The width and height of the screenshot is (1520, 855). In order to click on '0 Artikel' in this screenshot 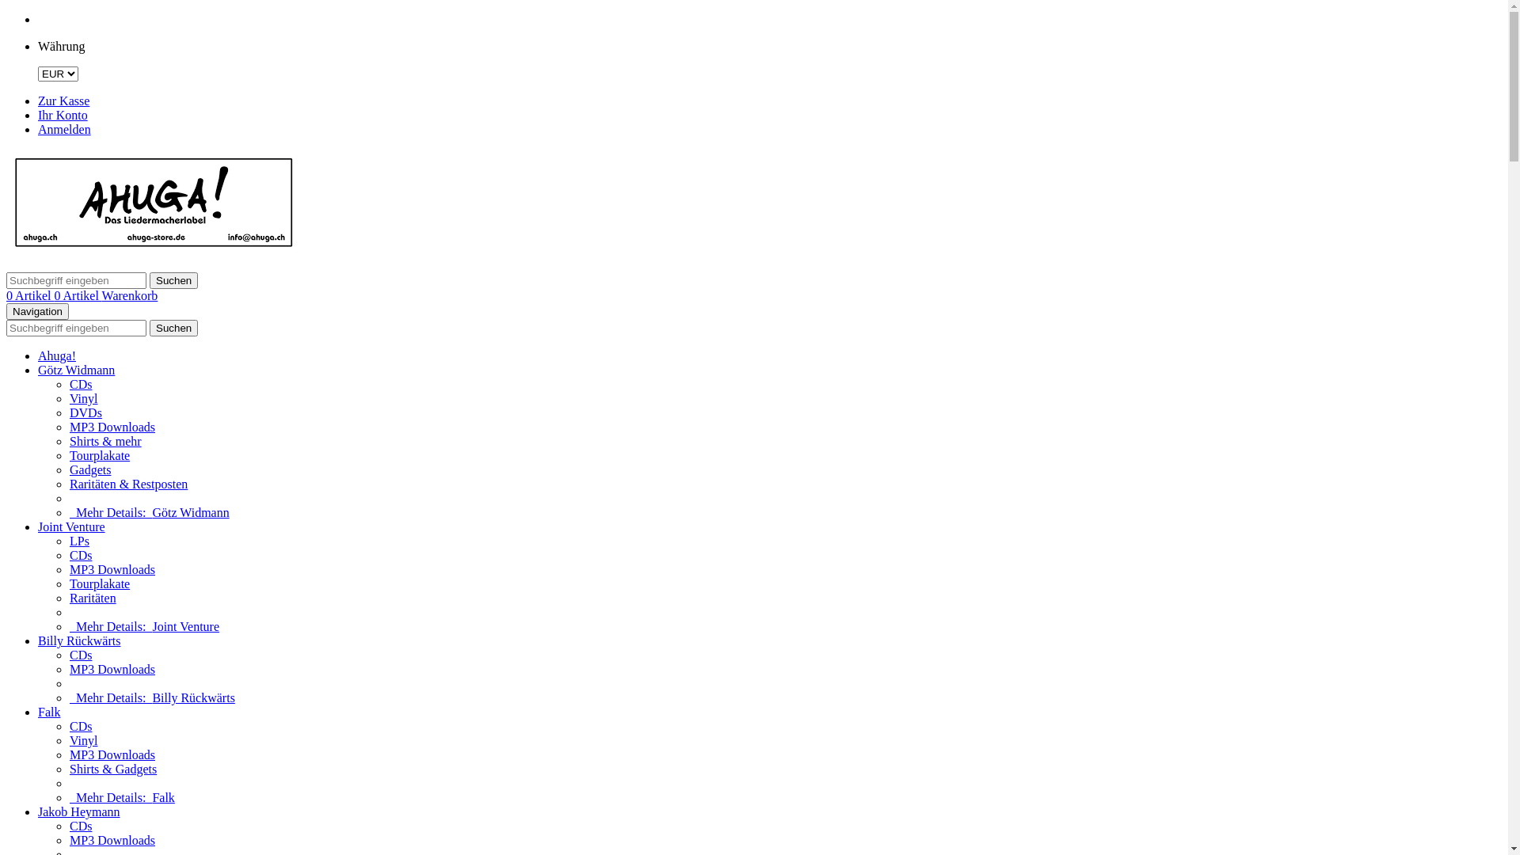, I will do `click(30, 295)`.